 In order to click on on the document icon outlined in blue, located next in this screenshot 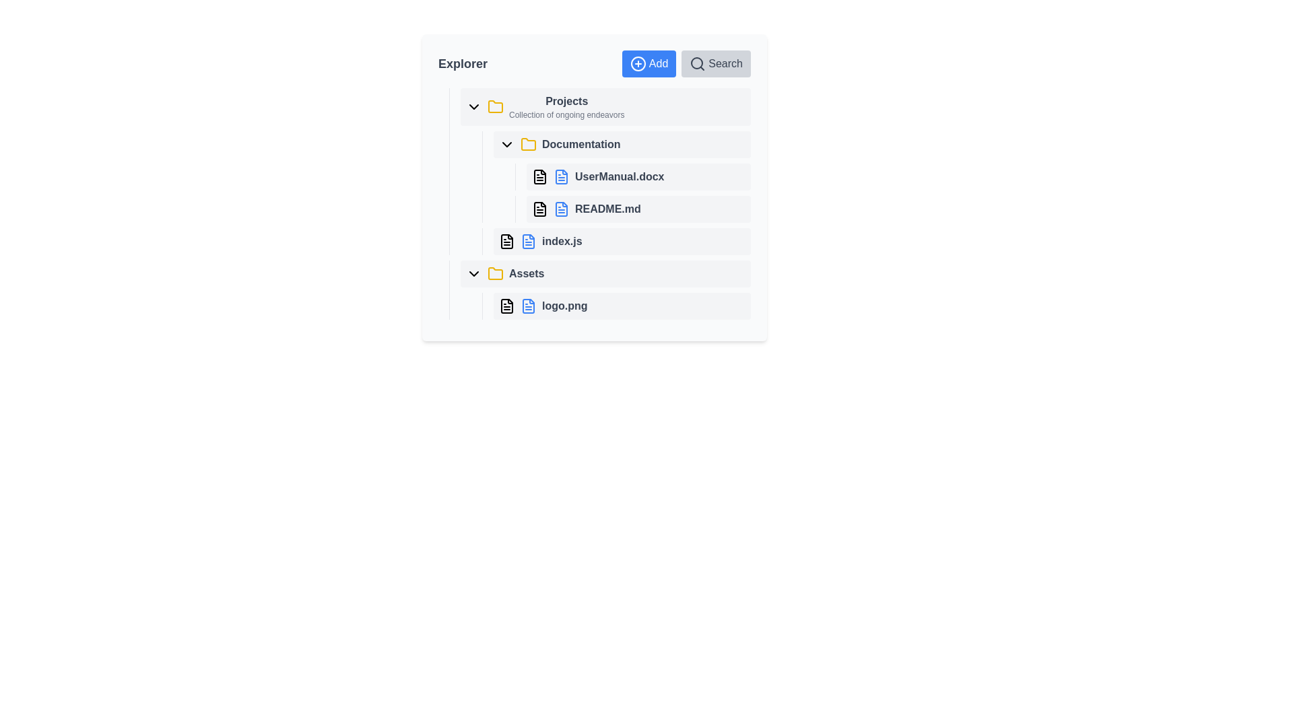, I will do `click(528, 240)`.